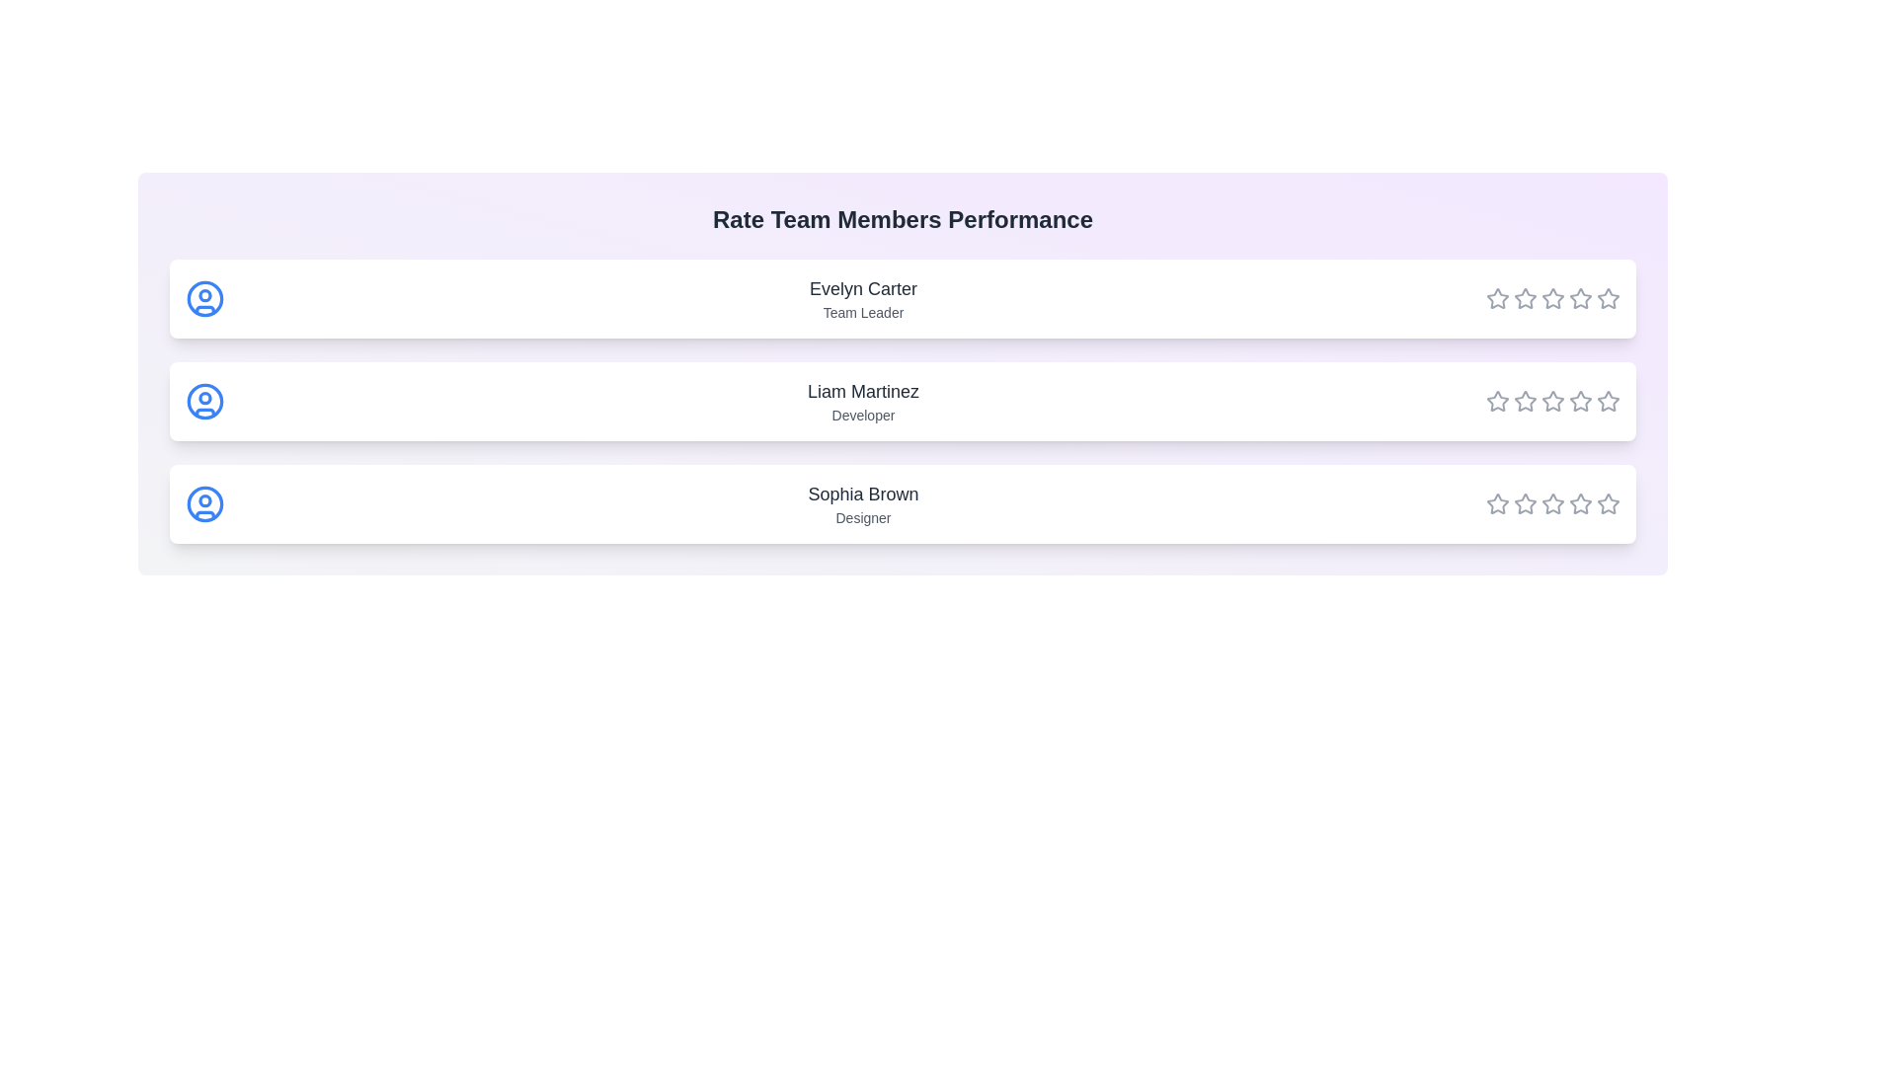 The width and height of the screenshot is (1896, 1066). What do you see at coordinates (204, 502) in the screenshot?
I see `the user icon for Sophia Brown` at bounding box center [204, 502].